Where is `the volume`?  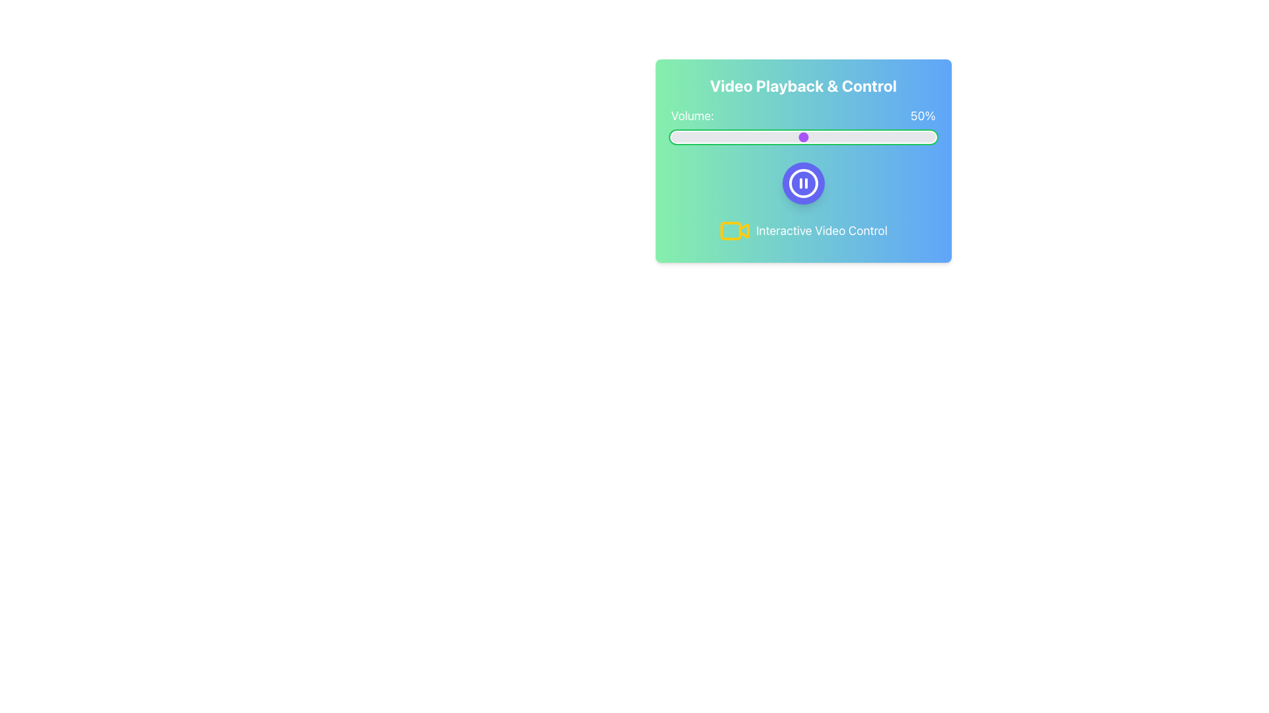 the volume is located at coordinates (673, 137).